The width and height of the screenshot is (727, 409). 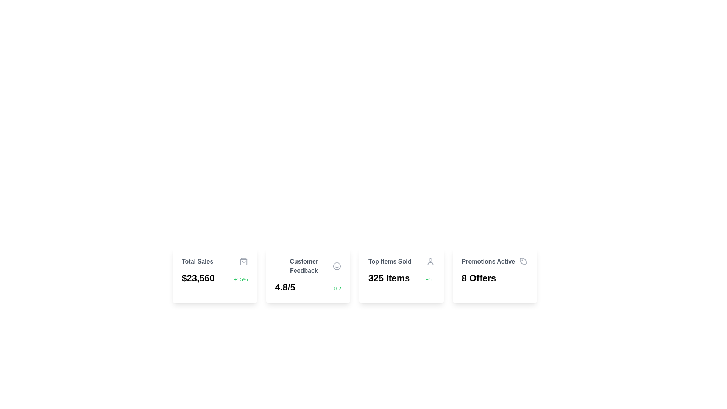 I want to click on numeric rating '4.8/5' displayed in bold font with a green '+0.2' beside it, located at the bottom of the 'Customer Feedback' card, so click(x=308, y=287).